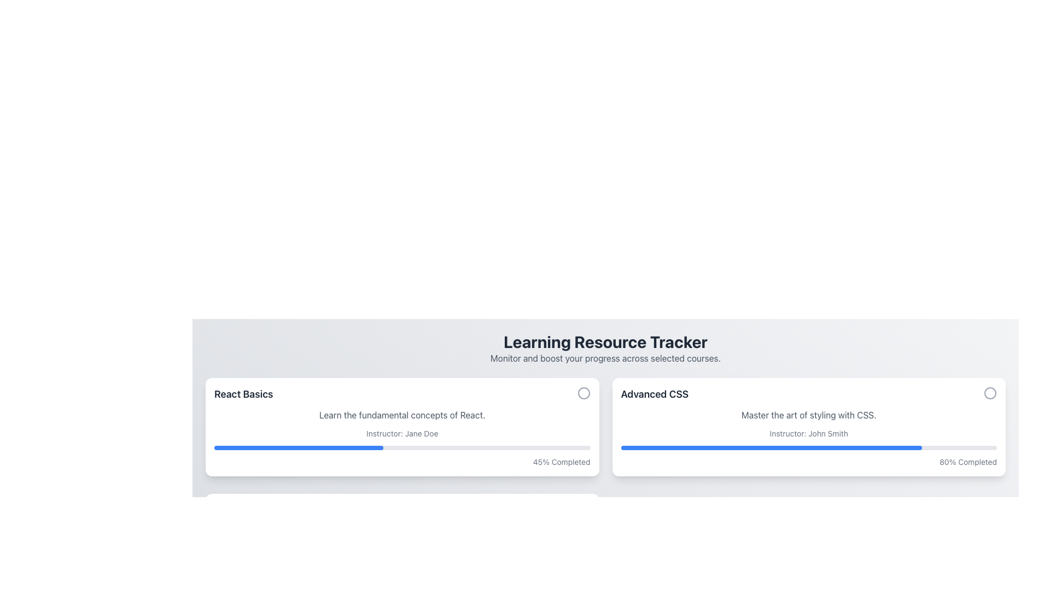 The width and height of the screenshot is (1050, 590). Describe the element at coordinates (605, 358) in the screenshot. I see `the static text label that reads 'Monitor and boost your progress across selected courses', which is positioned below the bold title 'Learning Resource Tracker'` at that location.